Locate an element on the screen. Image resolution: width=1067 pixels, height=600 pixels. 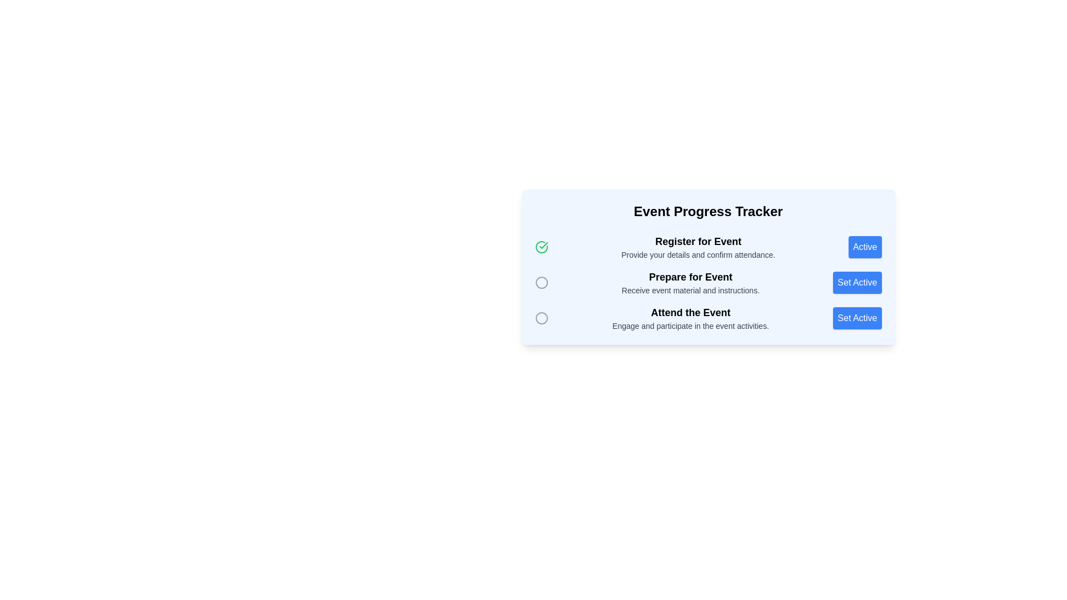
event preparation details from the composite element titled 'Prepare for Event', which includes descriptive text and a status indicator icon is located at coordinates (707, 282).